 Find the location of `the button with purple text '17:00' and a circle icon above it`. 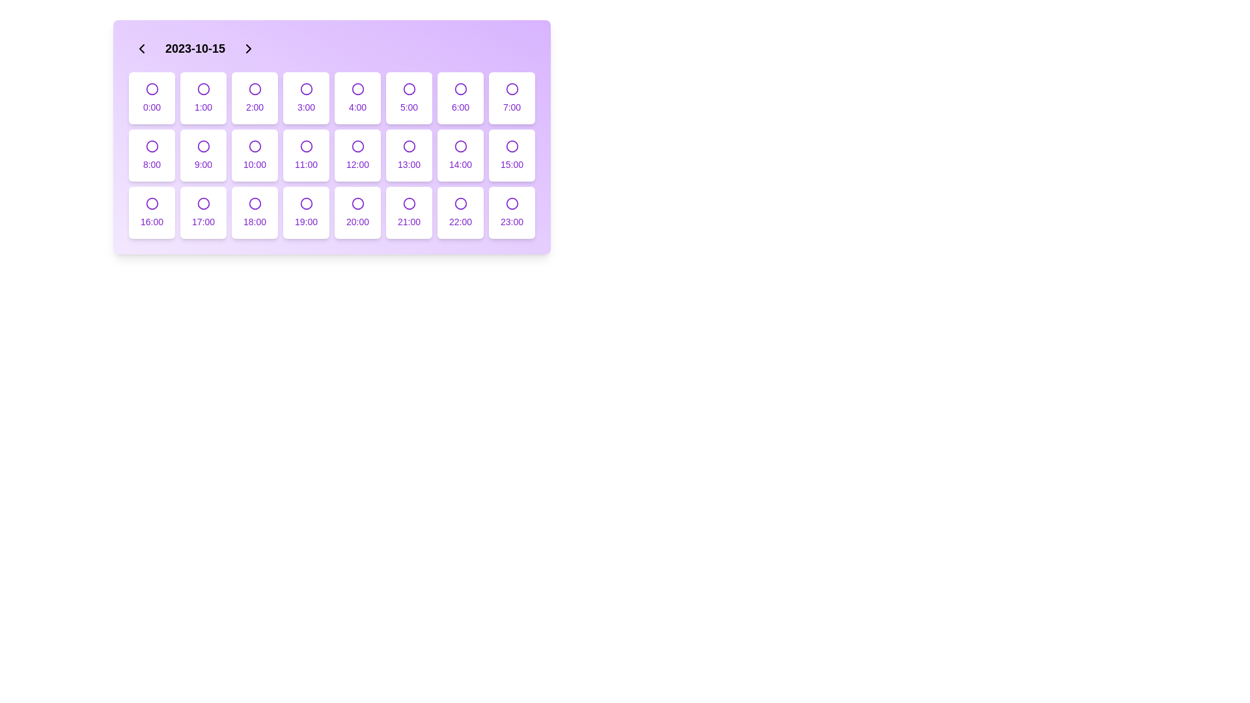

the button with purple text '17:00' and a circle icon above it is located at coordinates (202, 212).